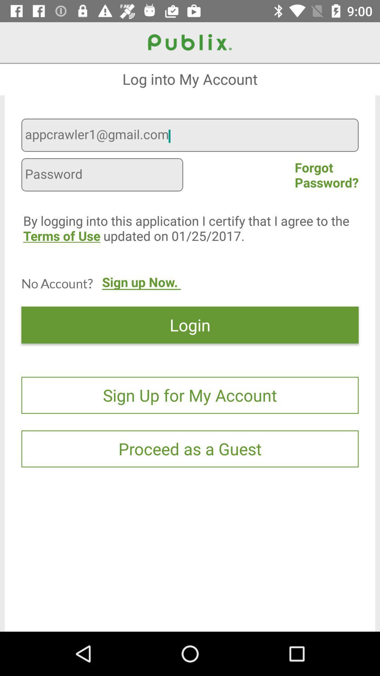  I want to click on item next to the forgot, so click(102, 176).